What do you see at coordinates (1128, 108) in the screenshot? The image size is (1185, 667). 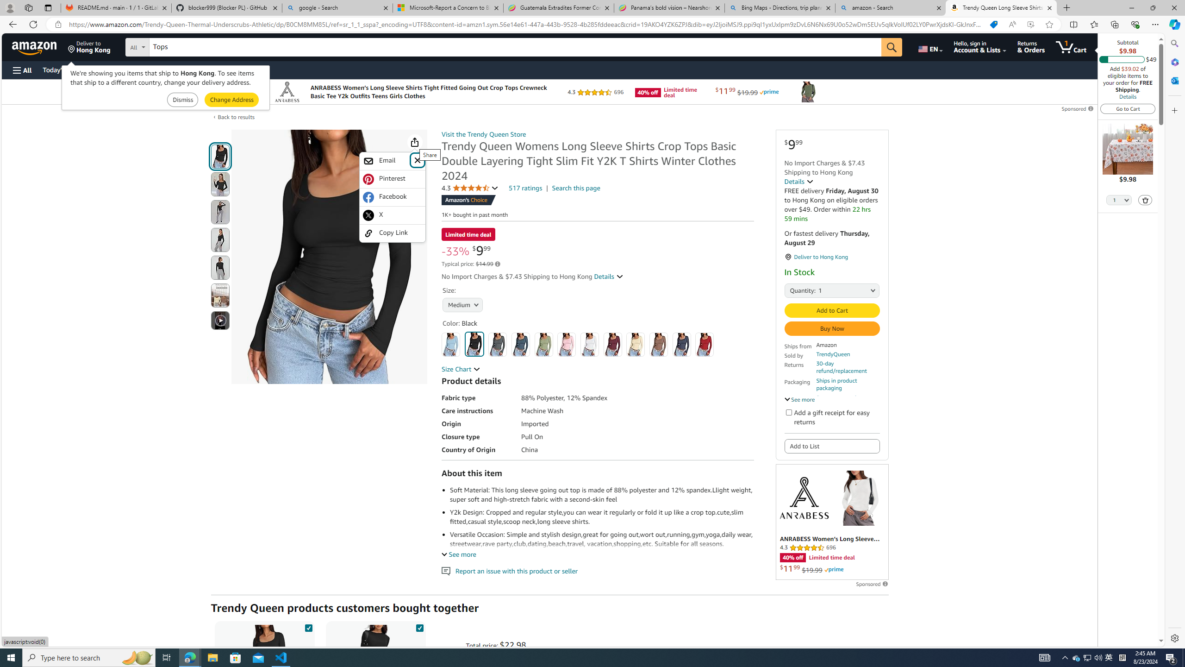 I see `'Go to Cart'` at bounding box center [1128, 108].